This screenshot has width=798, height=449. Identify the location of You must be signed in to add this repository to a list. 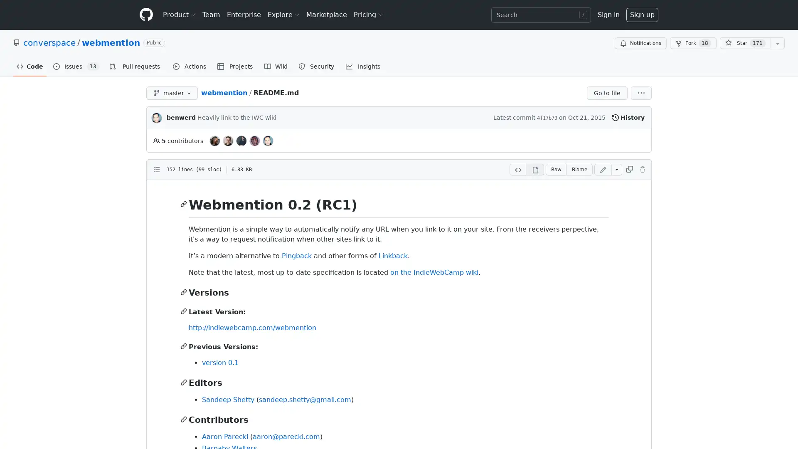
(777, 43).